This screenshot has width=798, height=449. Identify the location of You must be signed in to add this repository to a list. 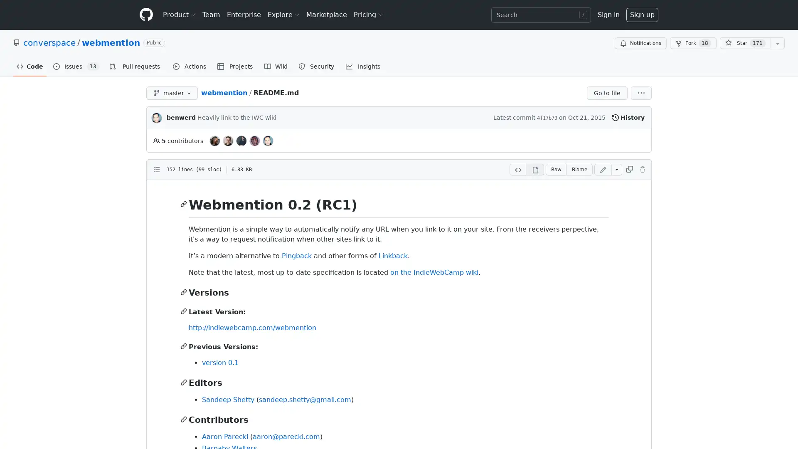
(777, 43).